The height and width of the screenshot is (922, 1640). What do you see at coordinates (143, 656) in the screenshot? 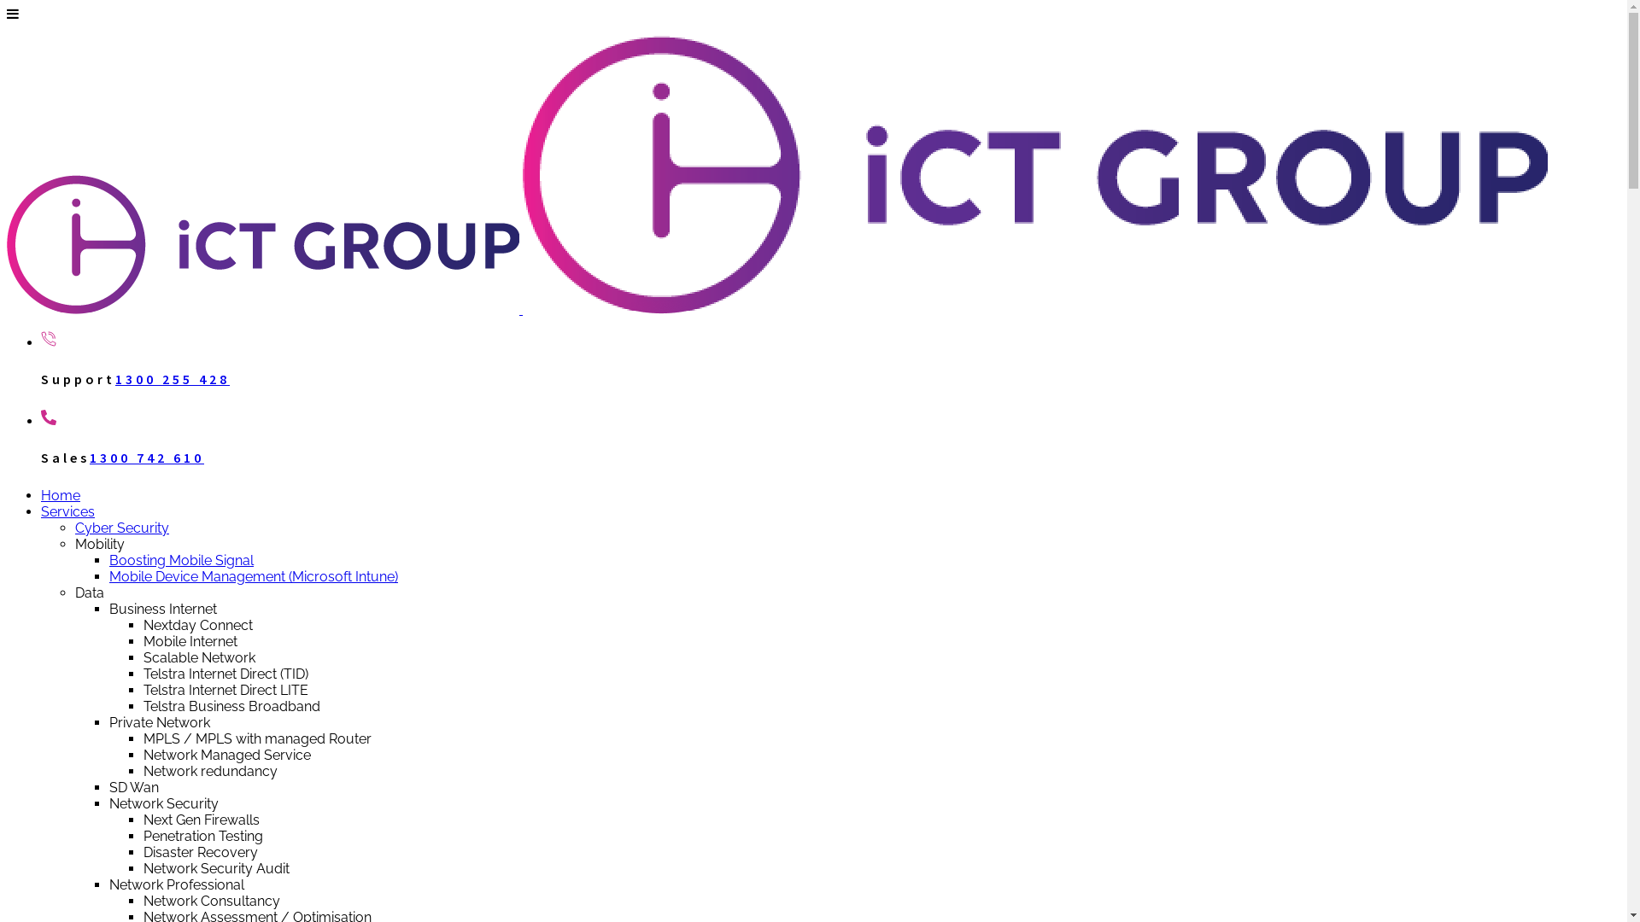
I see `'Scalable Network'` at bounding box center [143, 656].